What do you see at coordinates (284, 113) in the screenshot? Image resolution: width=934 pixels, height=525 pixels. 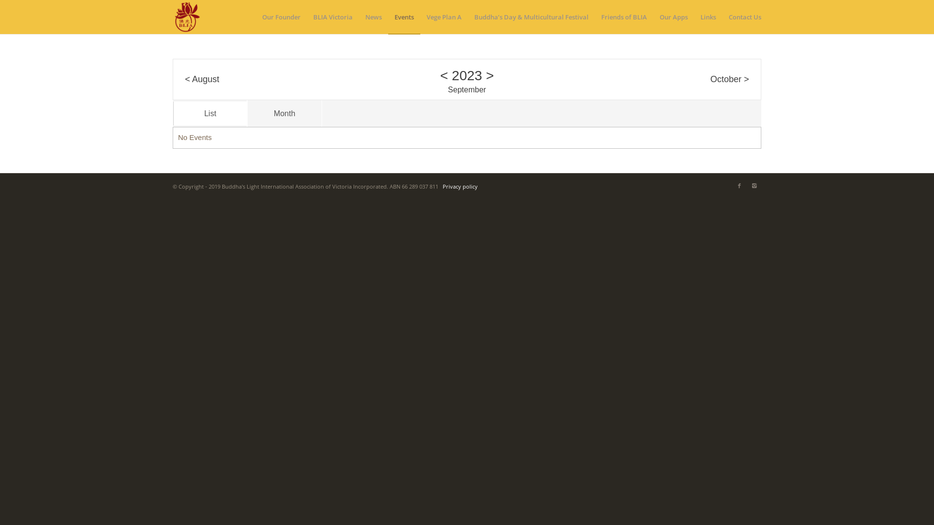 I see `'Month'` at bounding box center [284, 113].